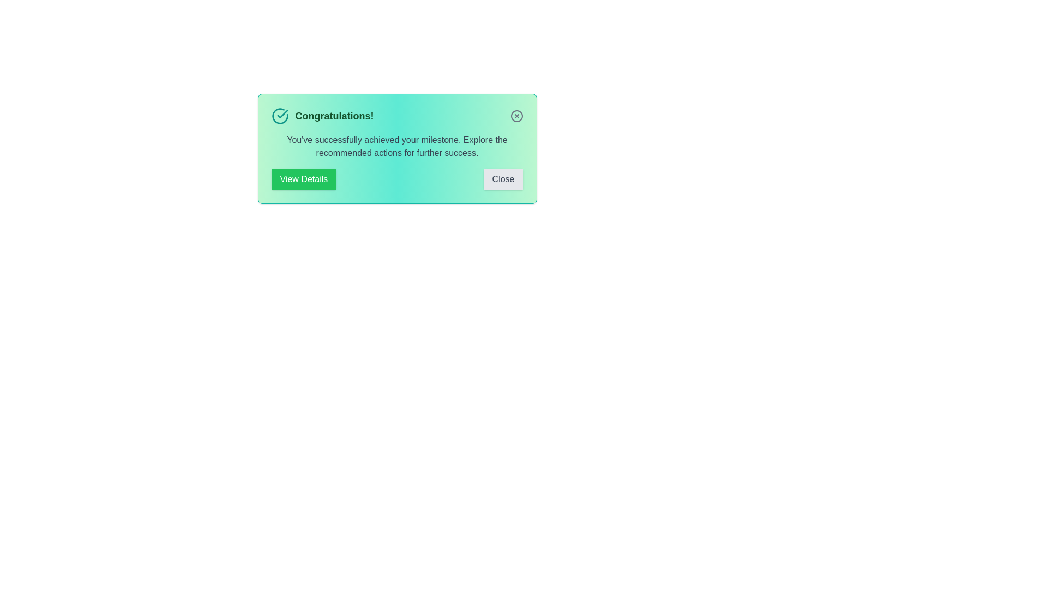  I want to click on the close icon to dismiss the notification, so click(516, 116).